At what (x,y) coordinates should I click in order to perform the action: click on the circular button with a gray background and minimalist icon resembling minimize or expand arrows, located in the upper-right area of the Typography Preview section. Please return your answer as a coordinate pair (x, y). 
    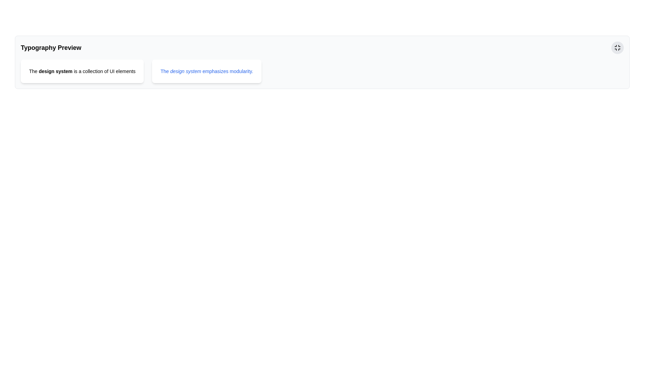
    Looking at the image, I should click on (617, 47).